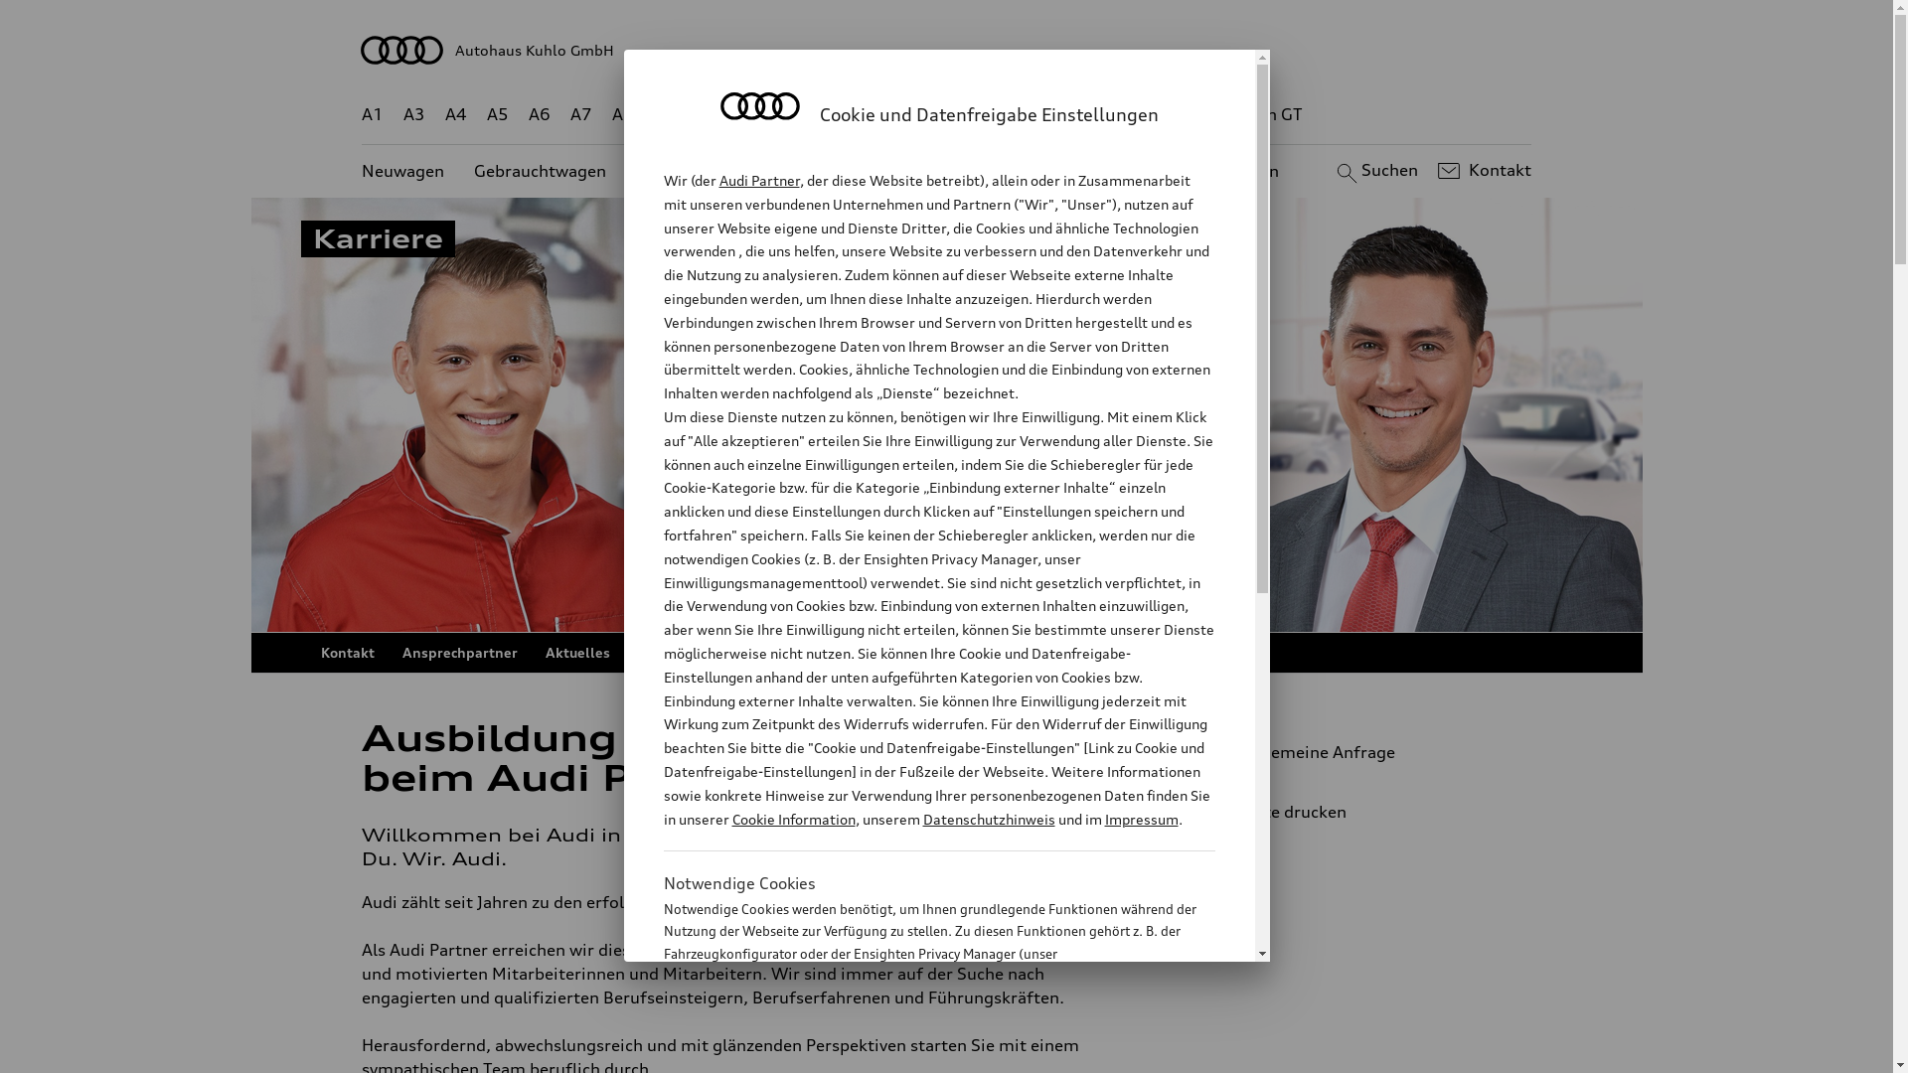  Describe the element at coordinates (1141, 819) in the screenshot. I see `'Impressum'` at that location.